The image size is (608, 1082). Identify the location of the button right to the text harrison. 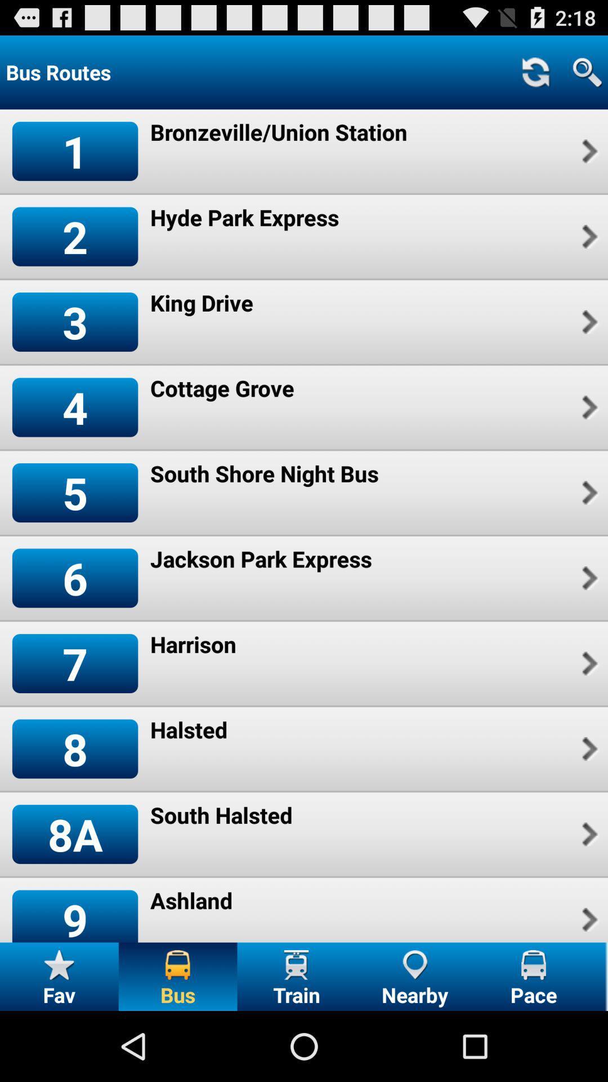
(588, 663).